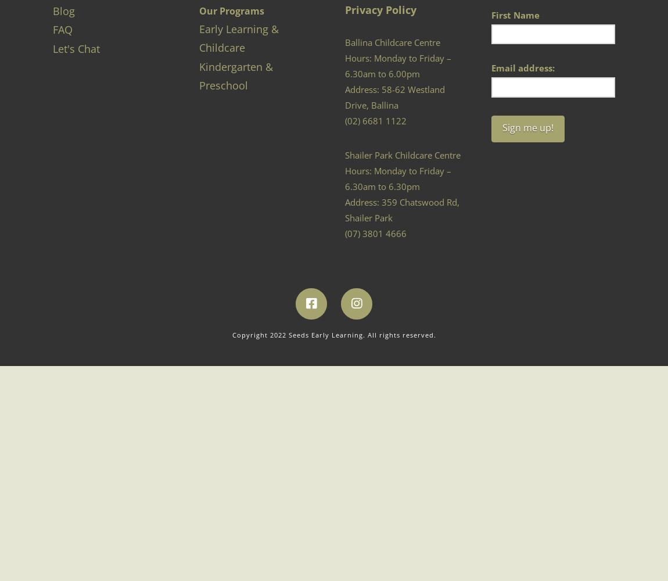 The image size is (668, 581). What do you see at coordinates (523, 67) in the screenshot?
I see `'Email address:'` at bounding box center [523, 67].